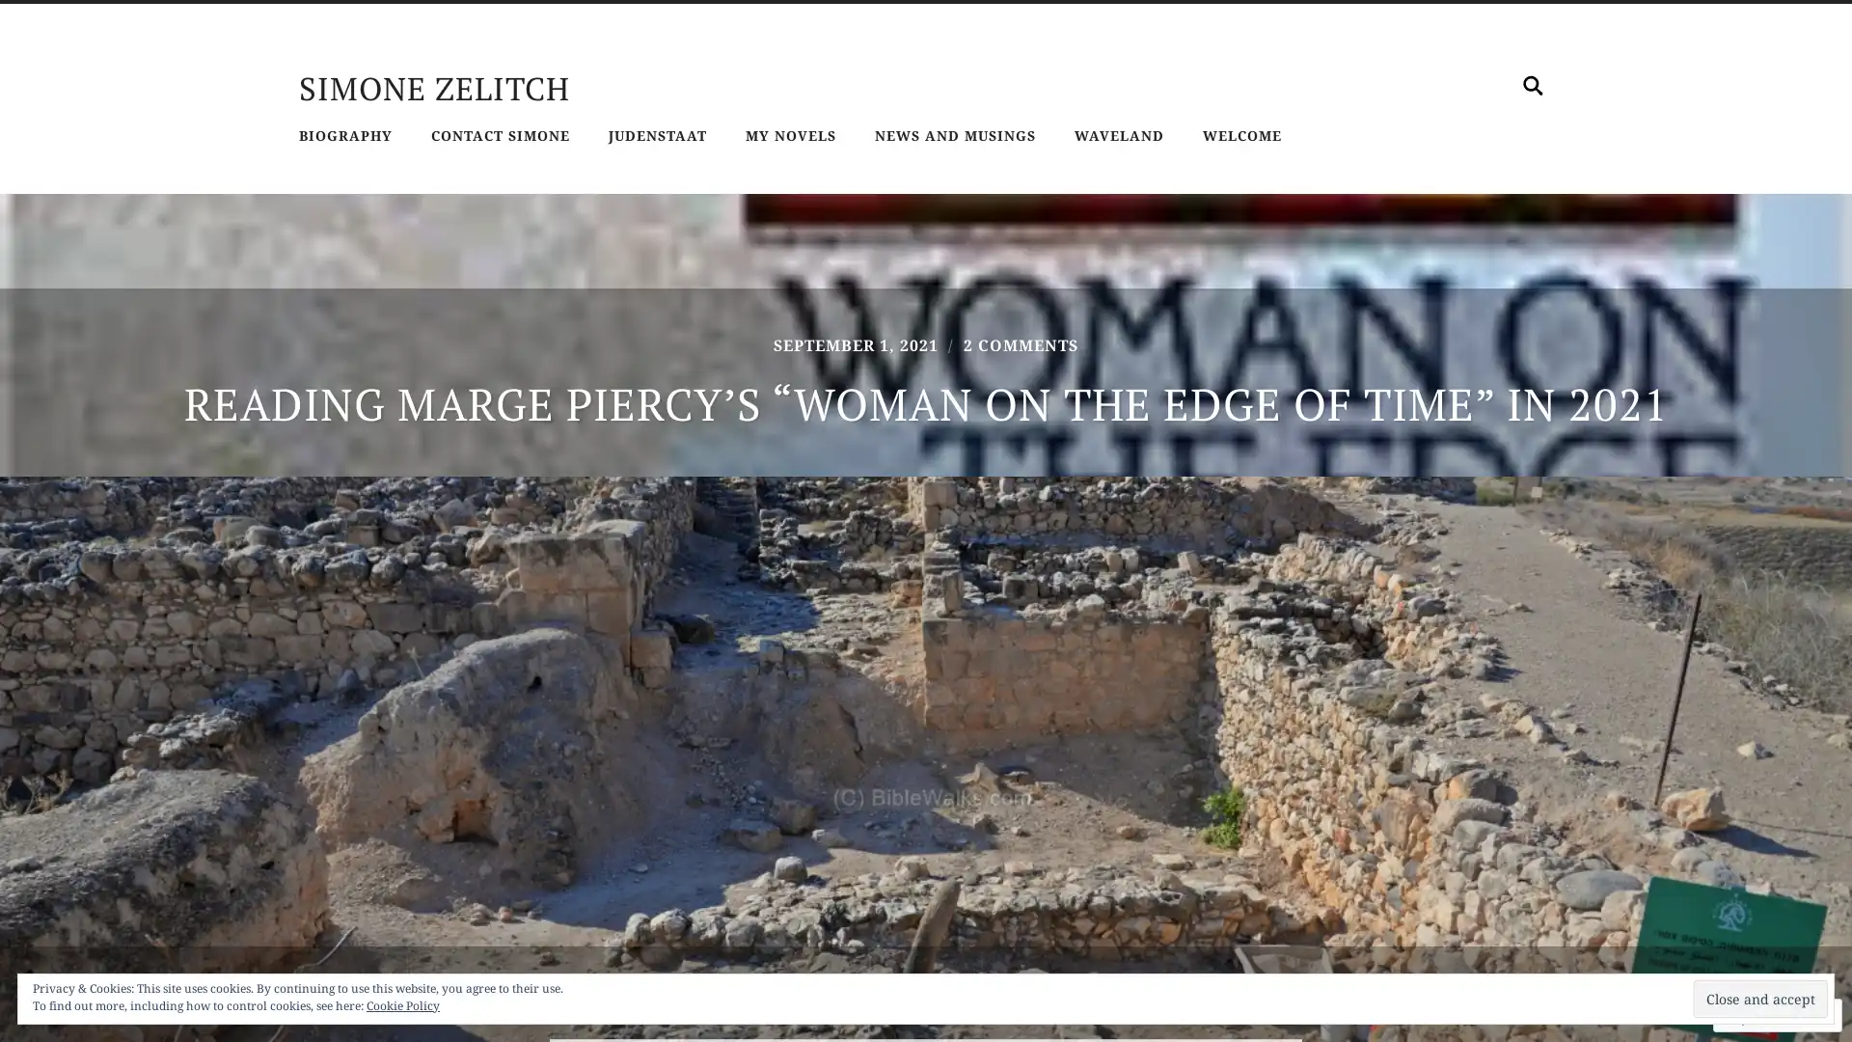 The image size is (1852, 1042). I want to click on Close and accept, so click(1760, 999).